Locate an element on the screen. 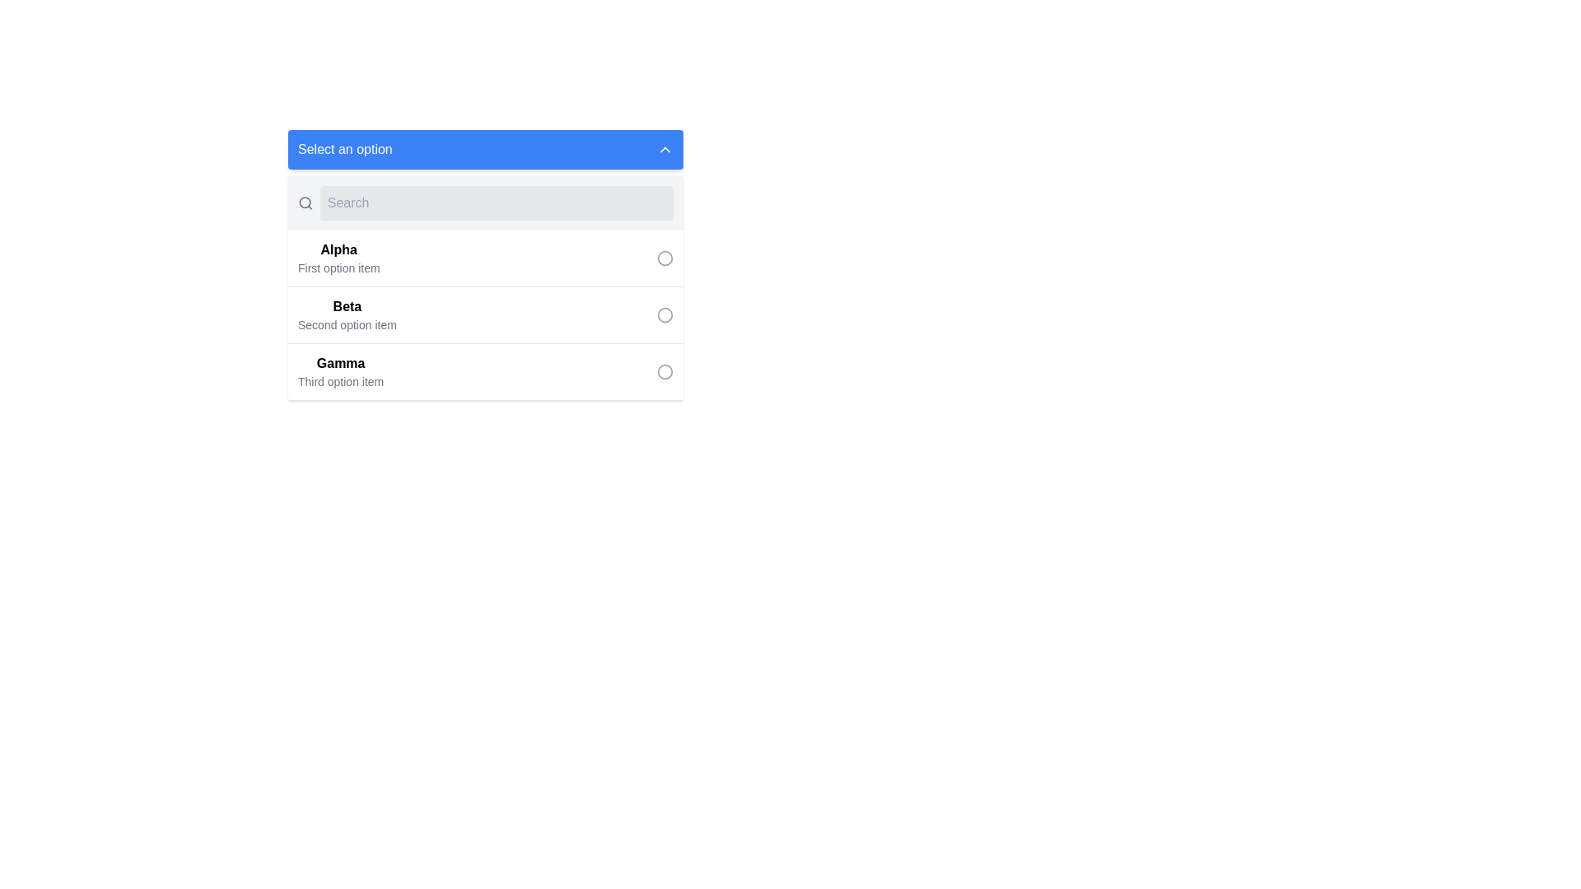  the Circle icon positioned to the right of the text 'Gamma' in the third item of the dropdown list, which serves as an indicator for selection or status is located at coordinates (665, 371).